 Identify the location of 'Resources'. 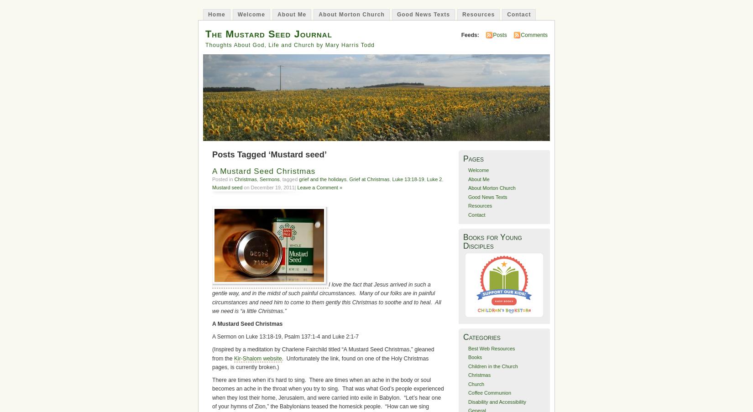
(467, 205).